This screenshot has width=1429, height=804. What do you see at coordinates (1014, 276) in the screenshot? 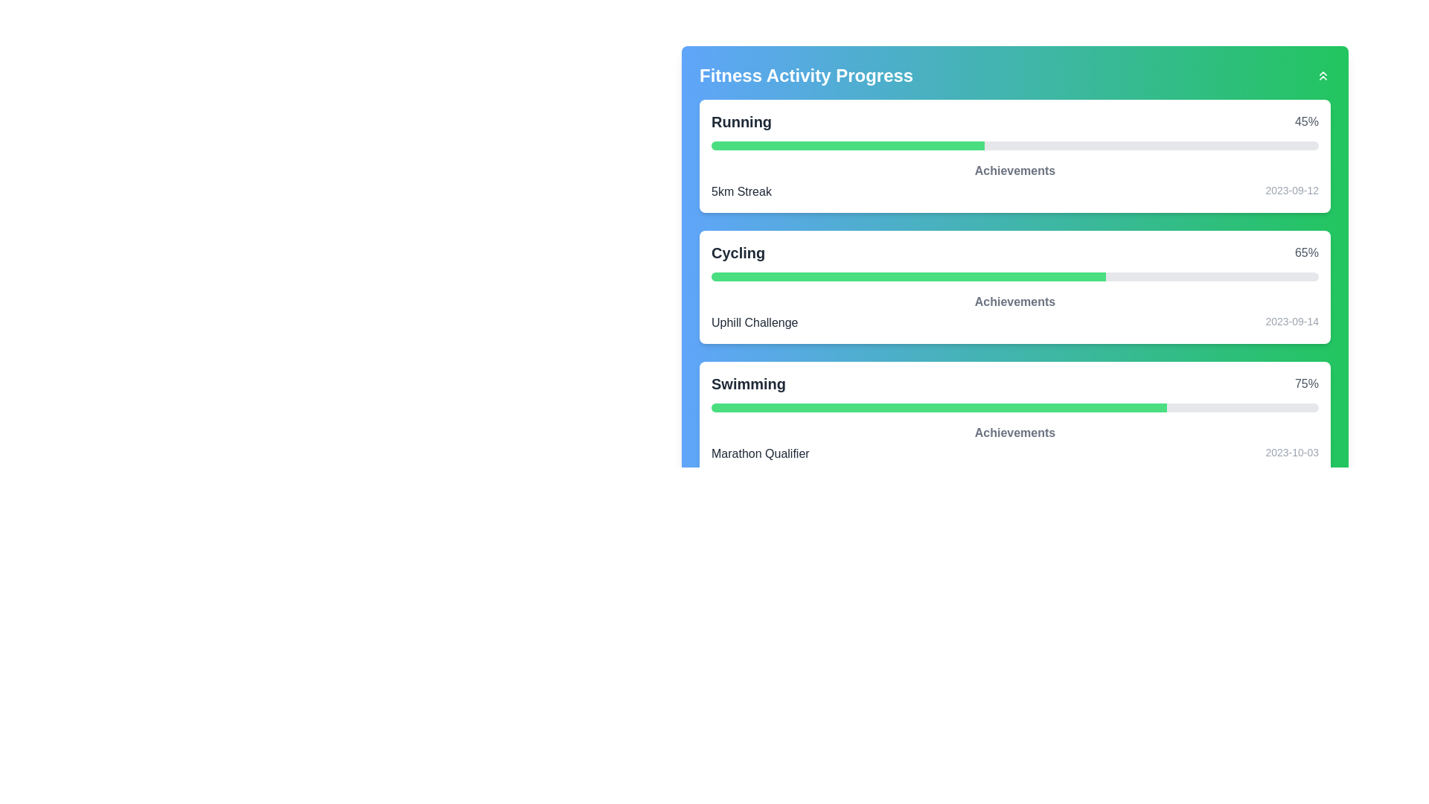
I see `the horizontal progress bar in the 'Cycling' section, which has a rounded appearance and indicates 65% progress` at bounding box center [1014, 276].